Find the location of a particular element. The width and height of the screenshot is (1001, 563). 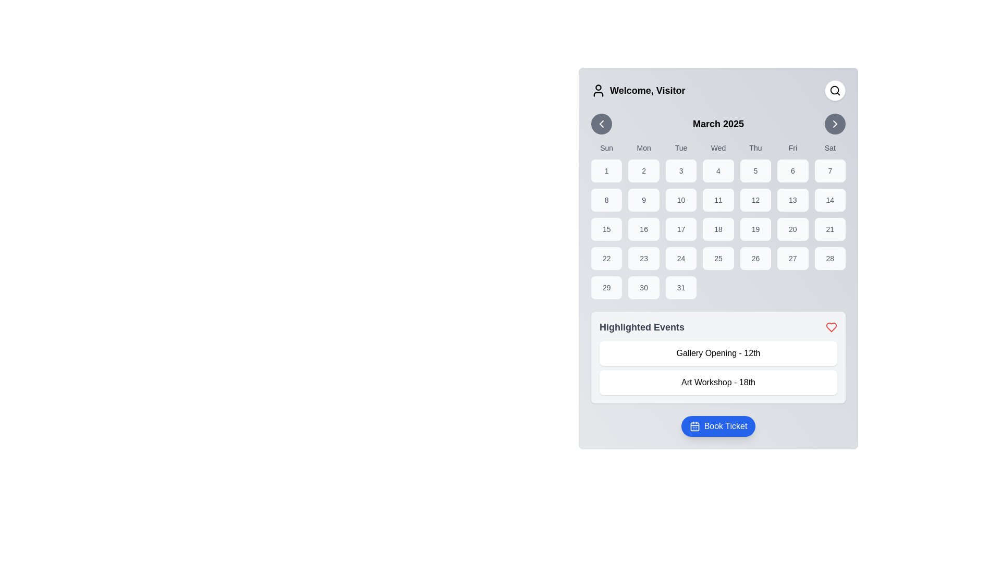

the button representing the calendar day '22' located in the fourth row and first column of the calendar grid is located at coordinates (606, 258).